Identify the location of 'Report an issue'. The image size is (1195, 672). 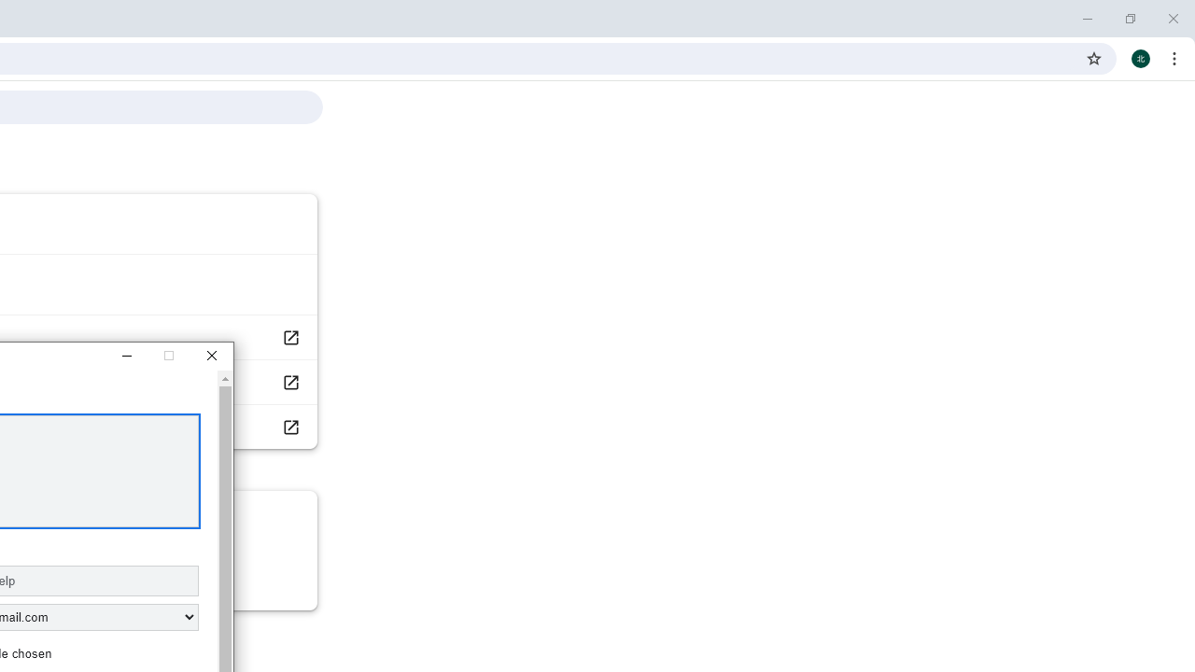
(289, 381).